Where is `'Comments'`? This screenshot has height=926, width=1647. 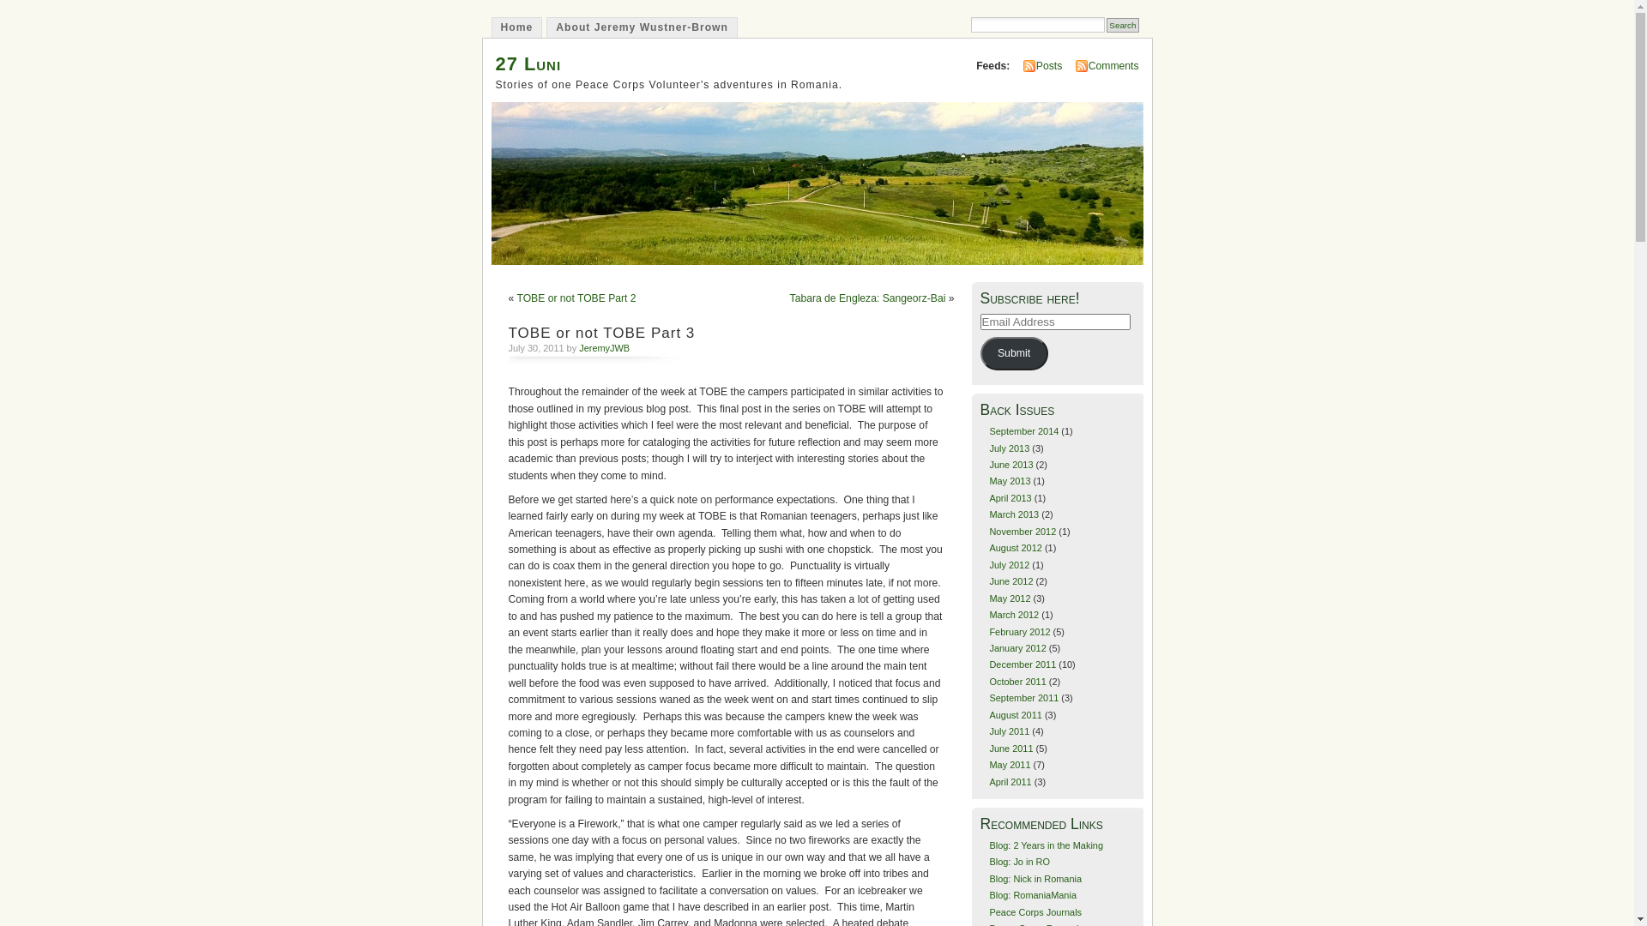
'Comments' is located at coordinates (1113, 65).